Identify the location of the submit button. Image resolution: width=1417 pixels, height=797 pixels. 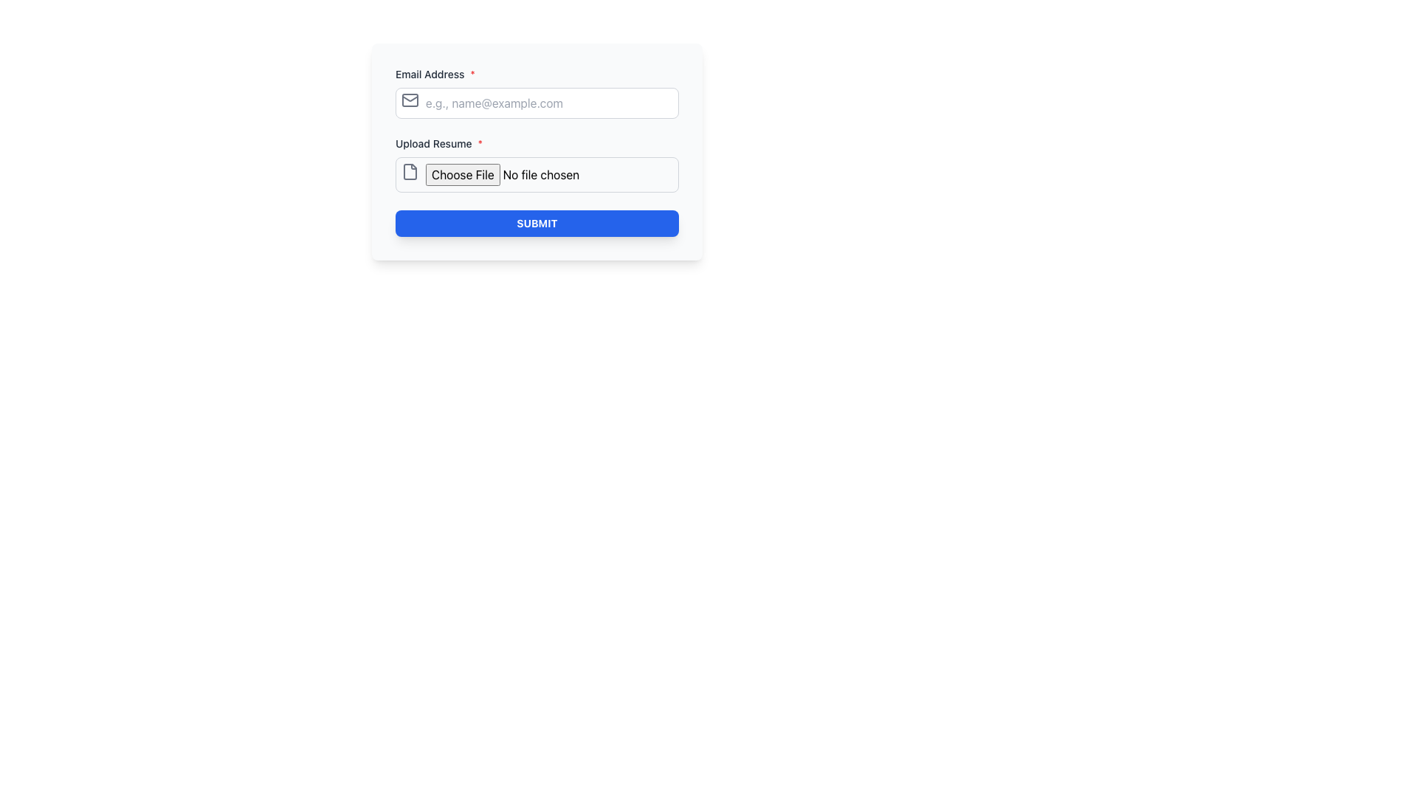
(537, 224).